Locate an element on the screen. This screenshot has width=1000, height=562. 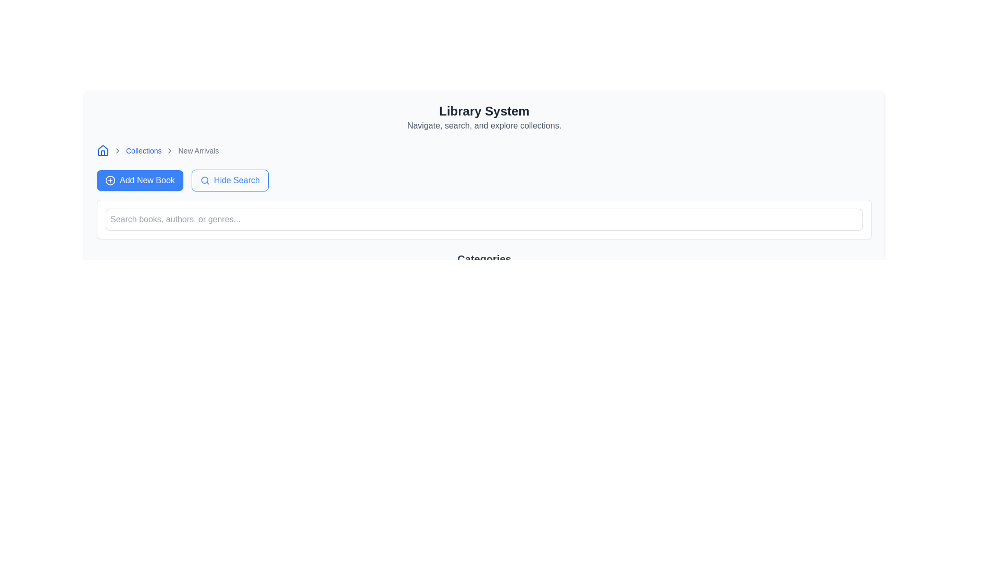
the 'New Arrivals' text label in the breadcrumb navigation bar, which indicates the current section and is located next to a right-pointing arrow icon is located at coordinates (198, 150).